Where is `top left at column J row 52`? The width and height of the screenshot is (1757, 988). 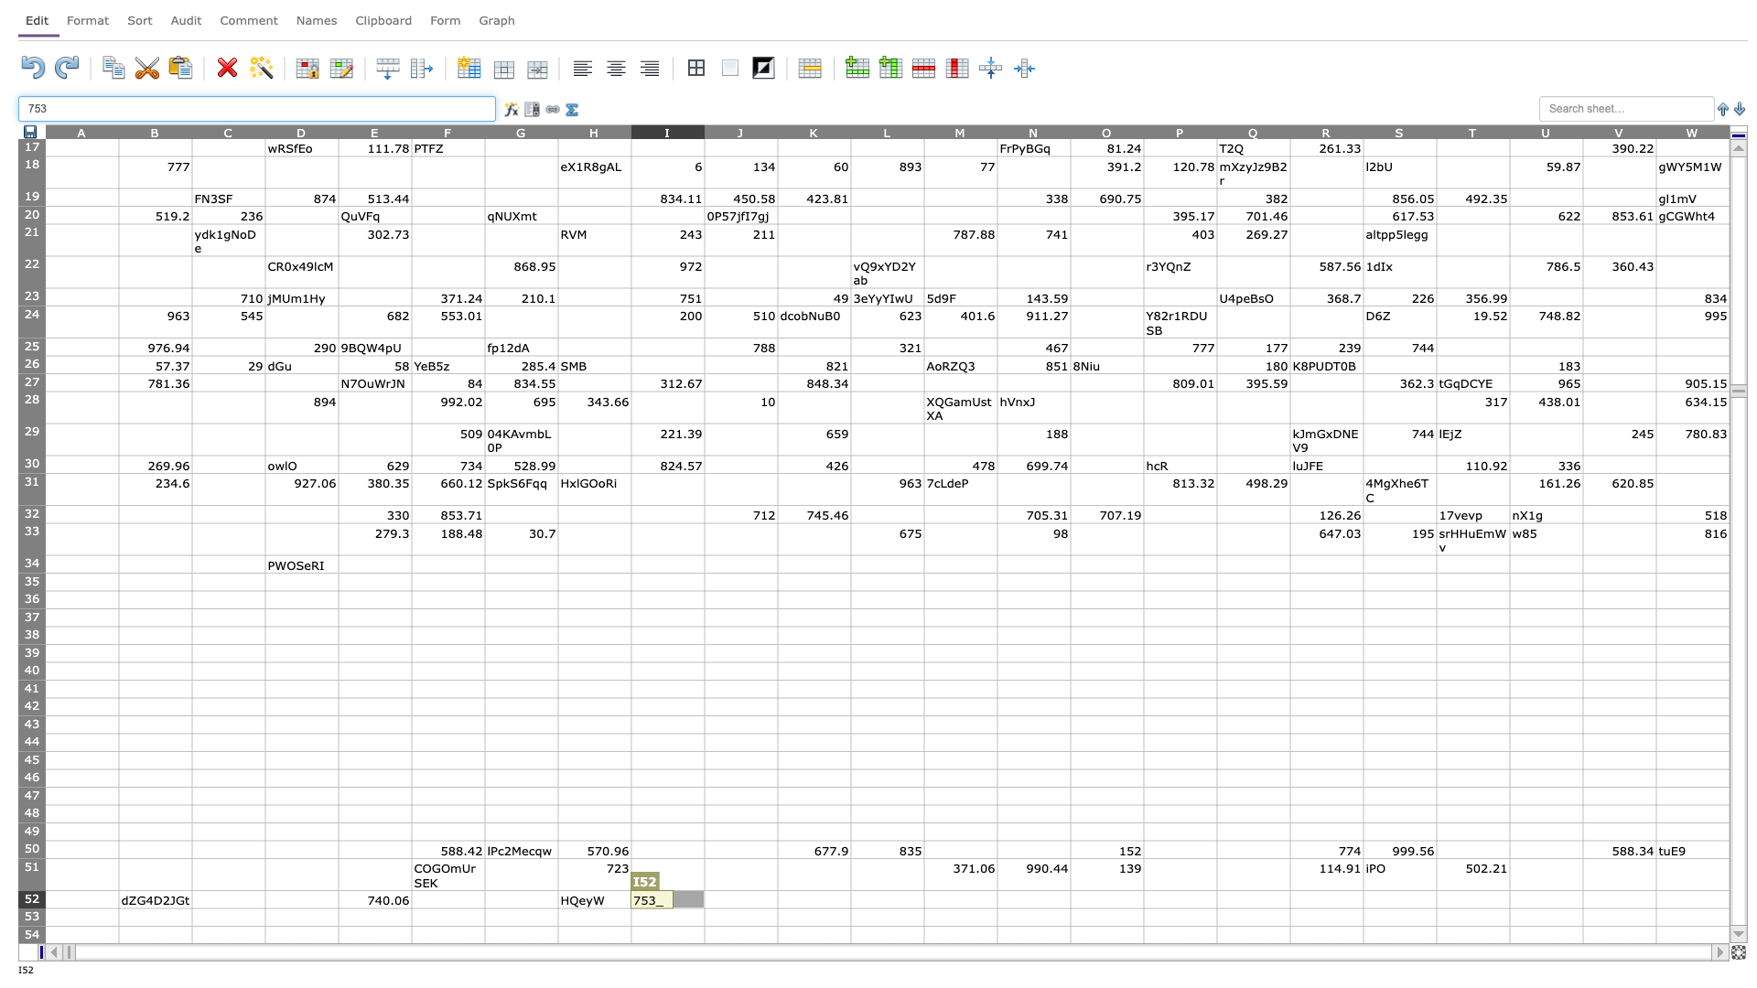 top left at column J row 52 is located at coordinates (703, 889).